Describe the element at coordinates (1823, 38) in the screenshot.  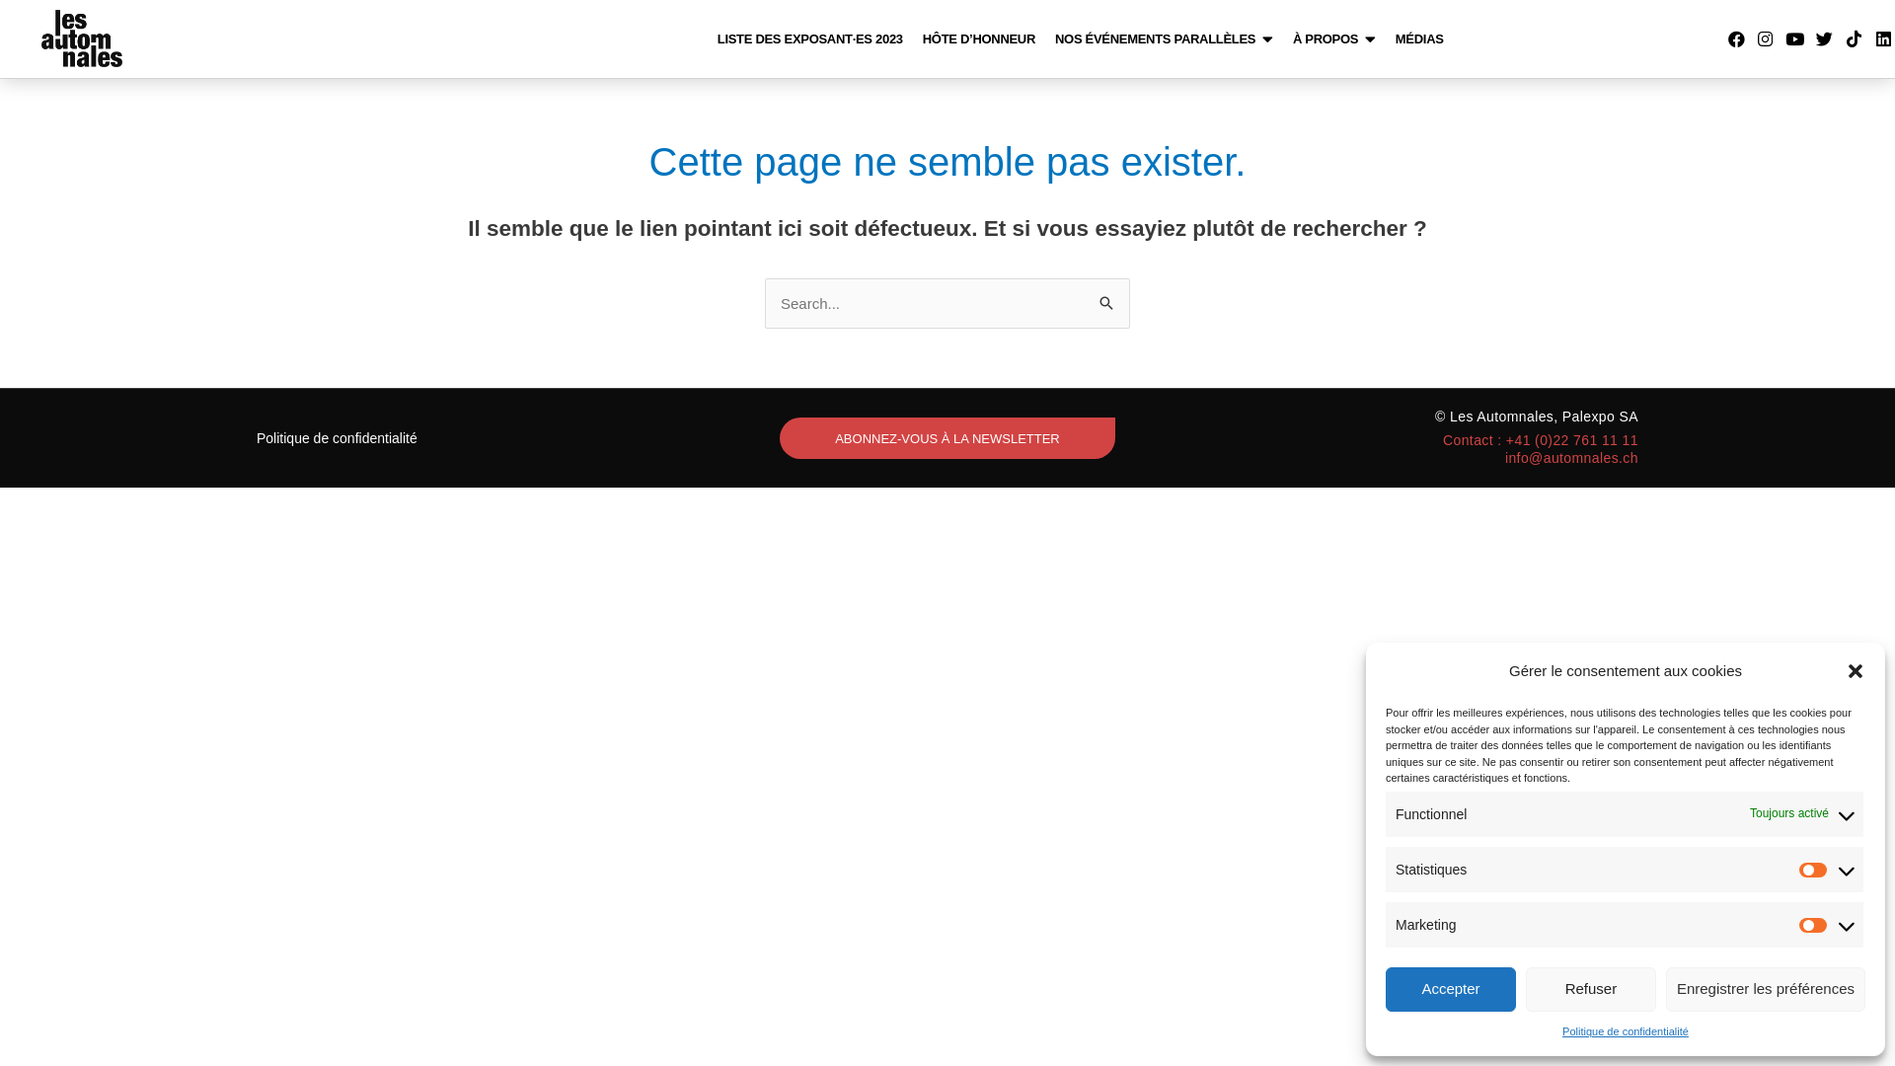
I see `'Twitter'` at that location.